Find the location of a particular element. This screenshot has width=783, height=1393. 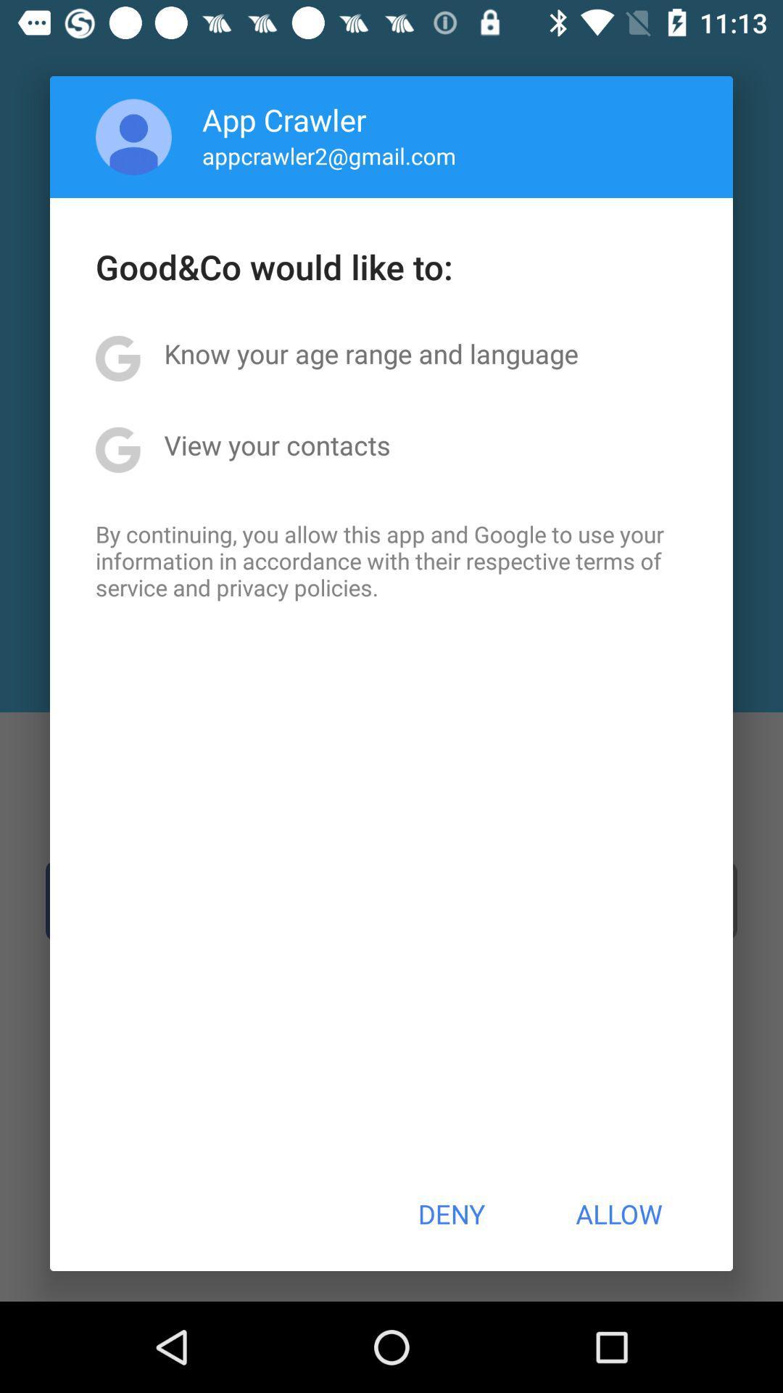

know your age app is located at coordinates (370, 353).